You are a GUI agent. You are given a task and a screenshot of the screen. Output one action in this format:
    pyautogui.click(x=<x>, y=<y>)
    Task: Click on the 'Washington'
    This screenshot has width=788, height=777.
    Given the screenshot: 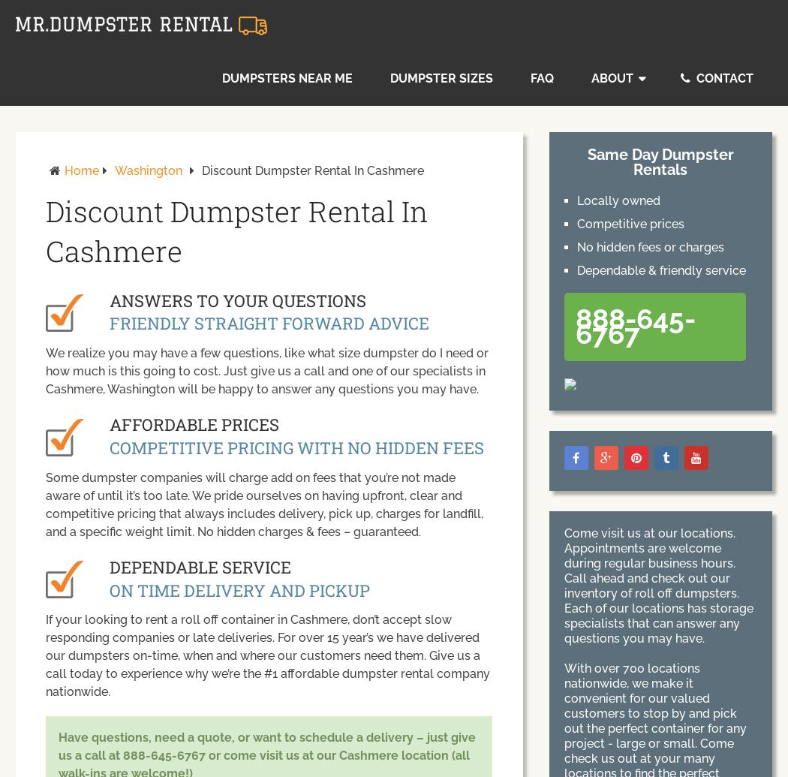 What is the action you would take?
    pyautogui.click(x=148, y=170)
    